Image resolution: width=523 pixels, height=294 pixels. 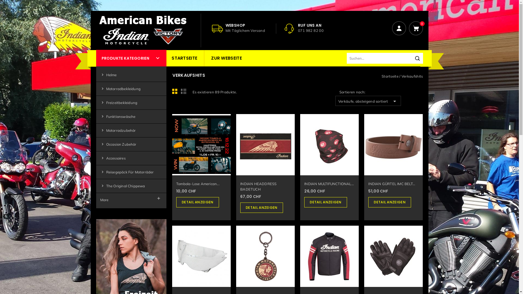 What do you see at coordinates (401, 76) in the screenshot?
I see `'Verkaufshits'` at bounding box center [401, 76].